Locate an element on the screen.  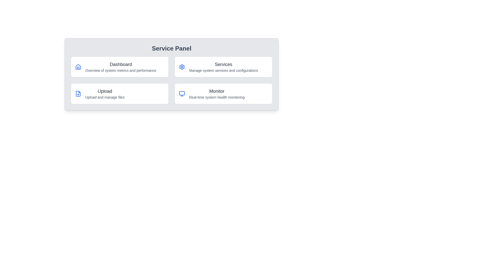
the 'Dashboard' text block, which consists of two lines, with the first line being bold and medium-large, and the second line lighter and smaller, located in the top-left section of the grid structure is located at coordinates (120, 67).